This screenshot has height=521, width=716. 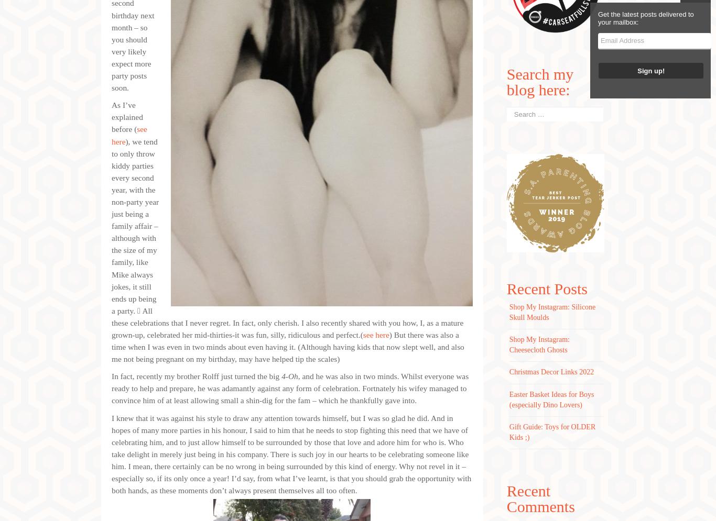 What do you see at coordinates (285, 341) in the screenshot?
I see `') But there was also a time when I was'` at bounding box center [285, 341].